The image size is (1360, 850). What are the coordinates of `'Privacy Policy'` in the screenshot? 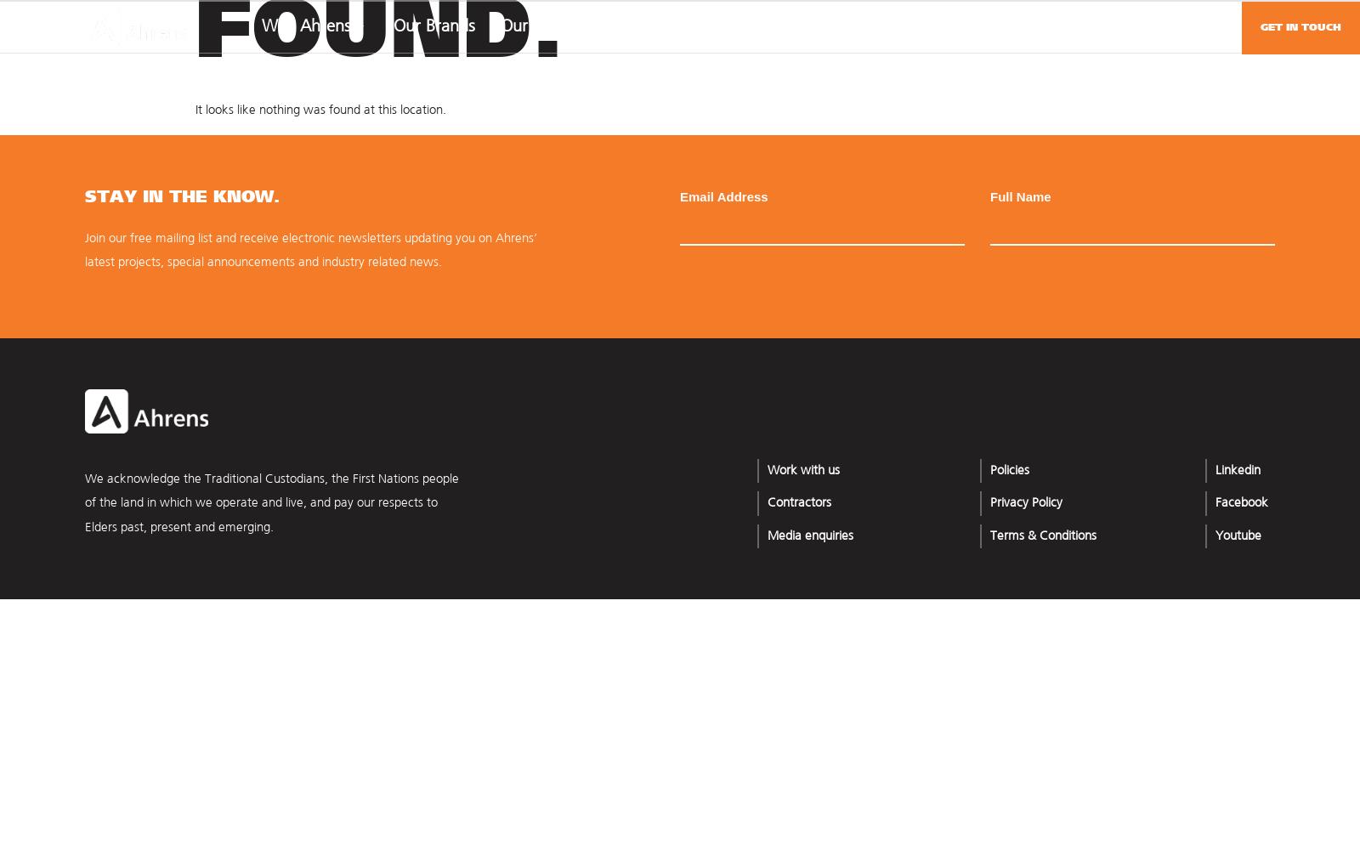 It's located at (1024, 502).